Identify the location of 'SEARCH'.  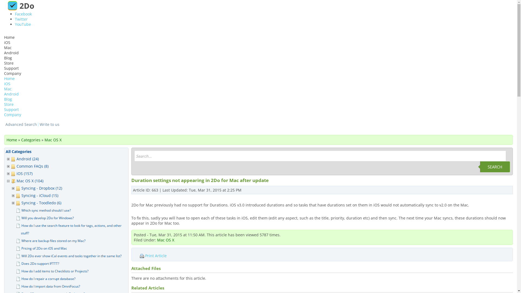
(495, 166).